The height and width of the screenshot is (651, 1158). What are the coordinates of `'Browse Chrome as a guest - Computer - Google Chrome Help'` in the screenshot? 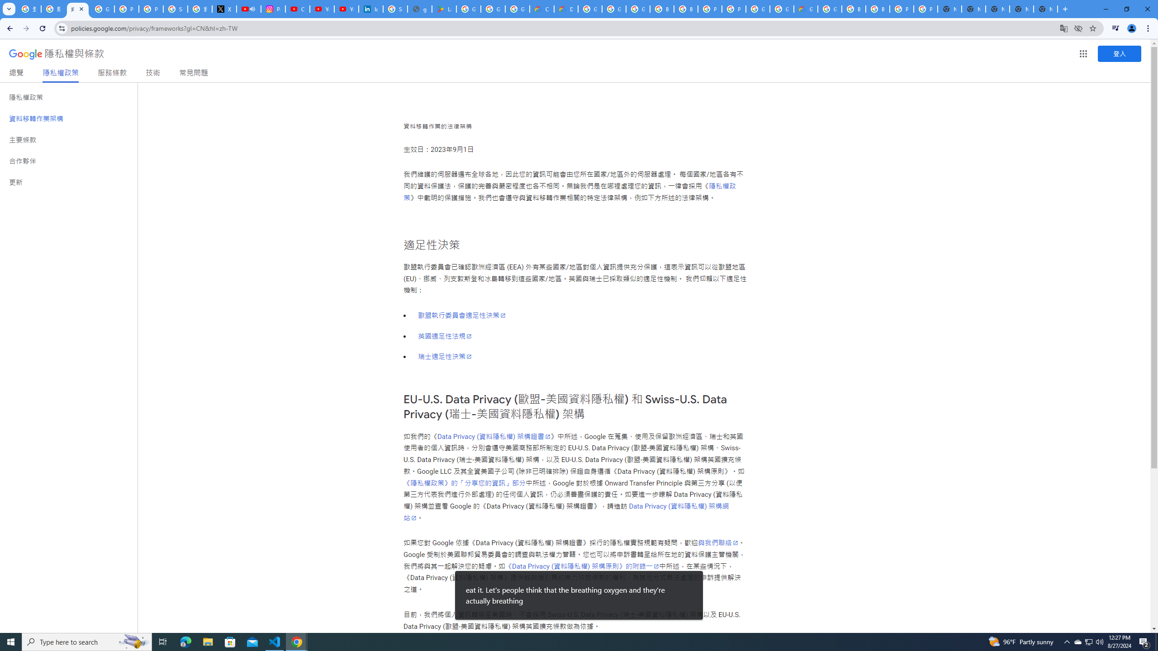 It's located at (662, 9).